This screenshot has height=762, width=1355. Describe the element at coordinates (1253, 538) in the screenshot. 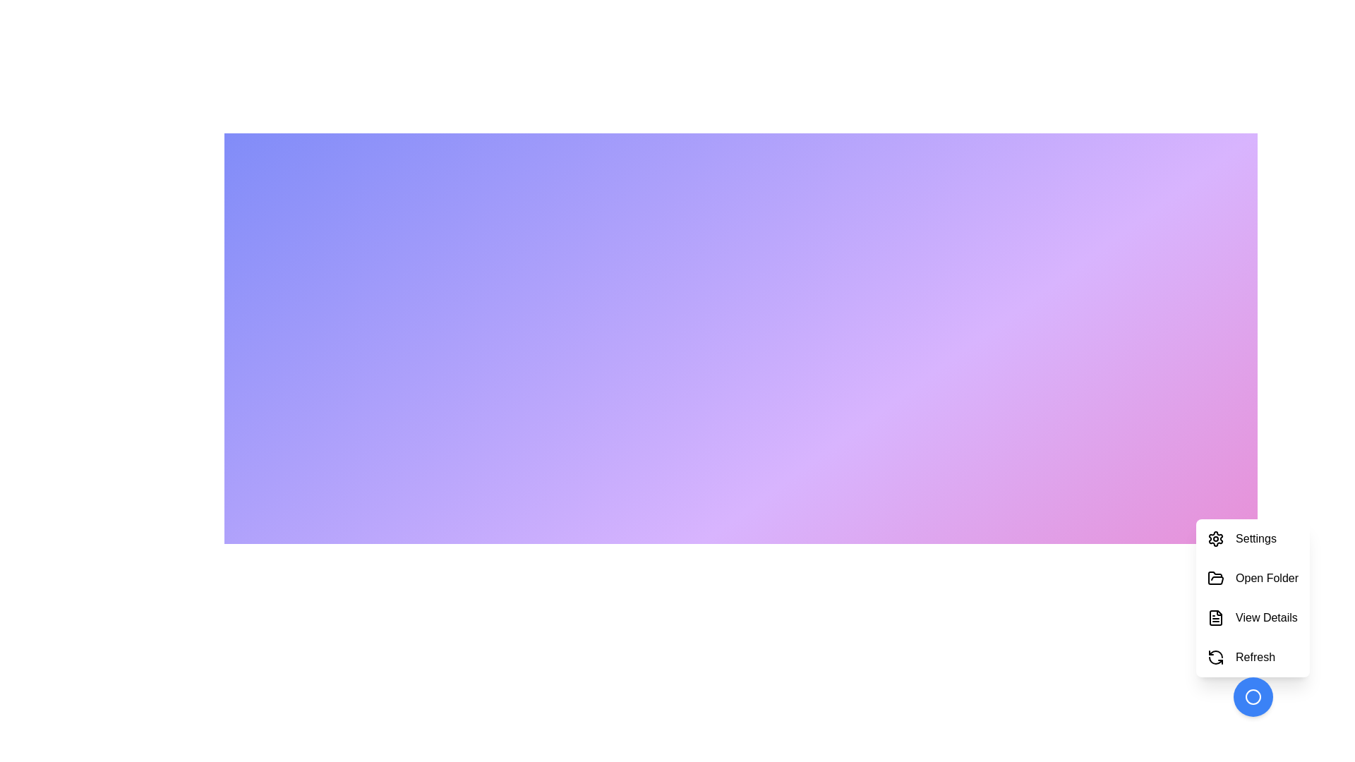

I see `the menu item labeled Settings` at that location.